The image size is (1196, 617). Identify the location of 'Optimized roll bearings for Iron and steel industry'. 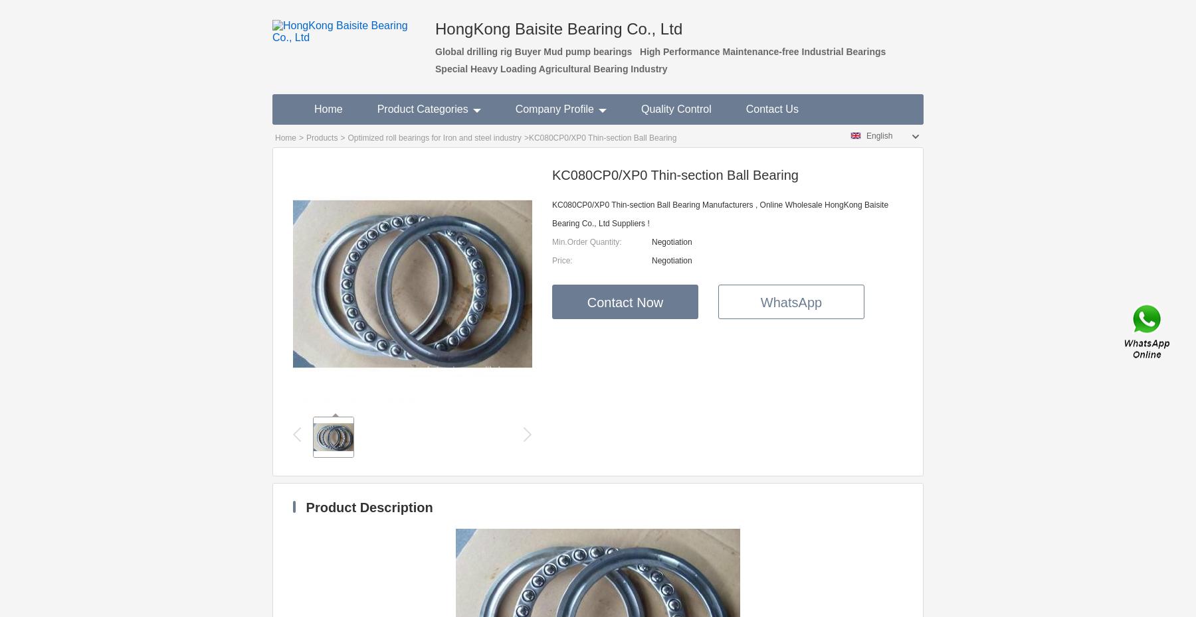
(434, 137).